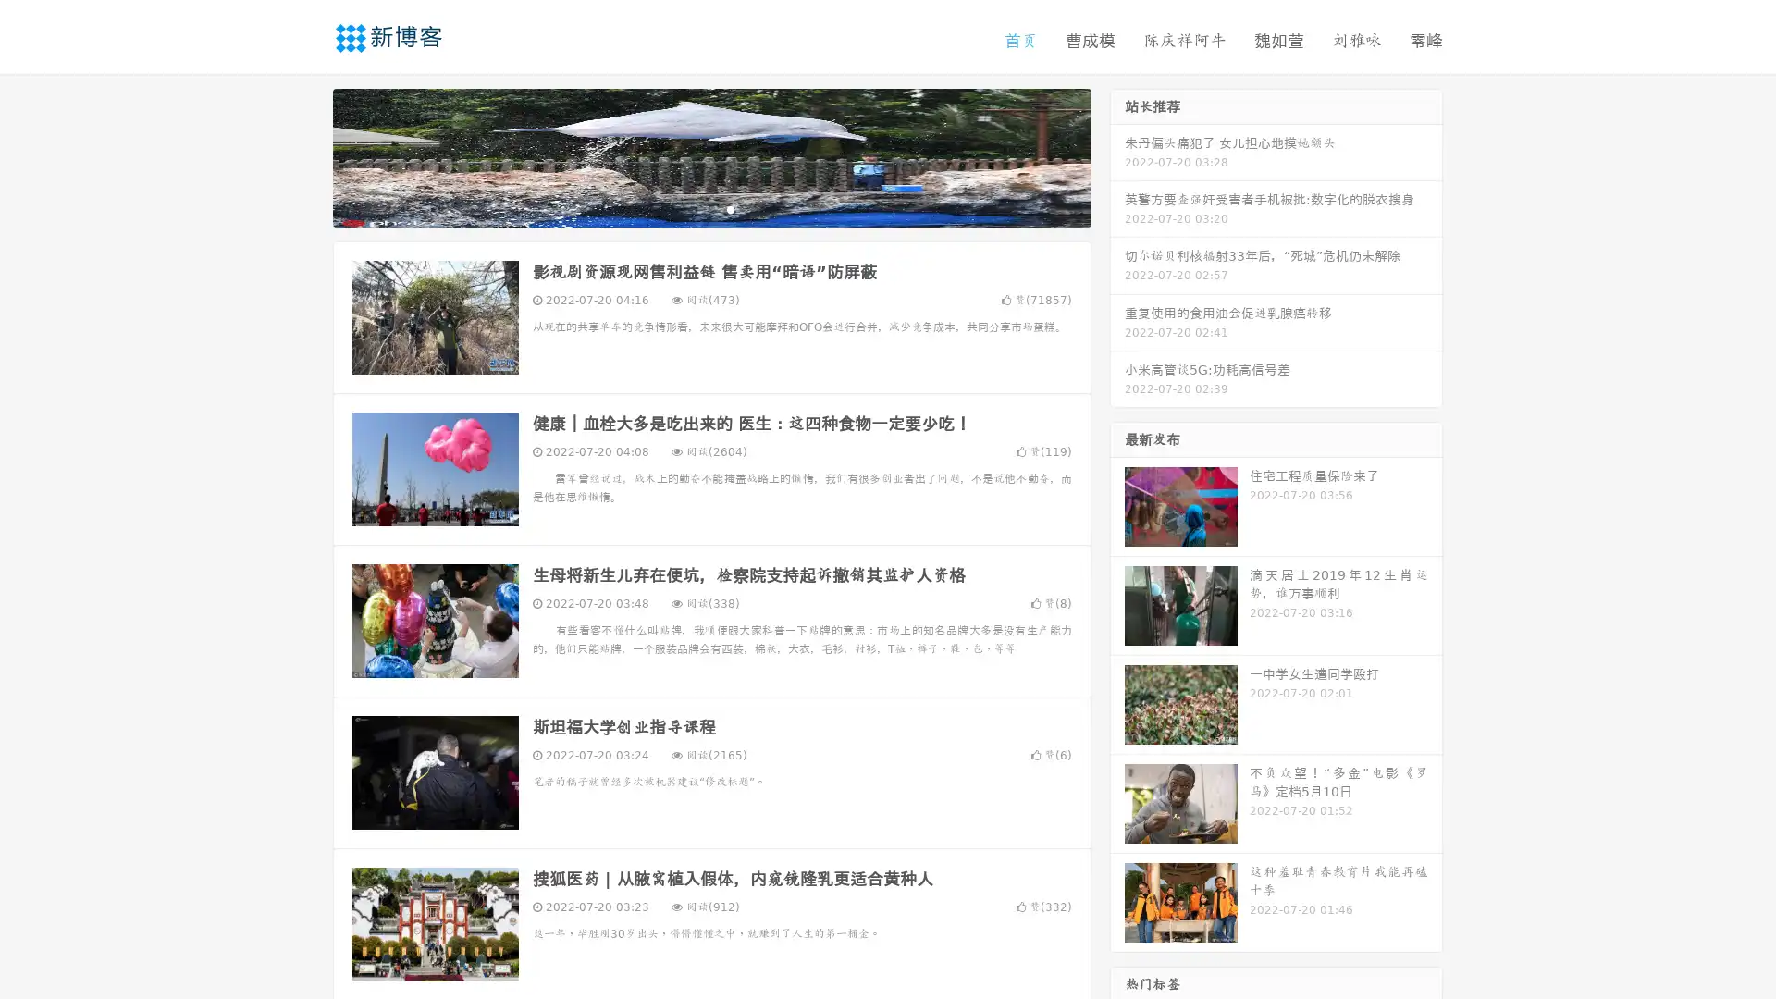  What do you see at coordinates (1117, 155) in the screenshot?
I see `Next slide` at bounding box center [1117, 155].